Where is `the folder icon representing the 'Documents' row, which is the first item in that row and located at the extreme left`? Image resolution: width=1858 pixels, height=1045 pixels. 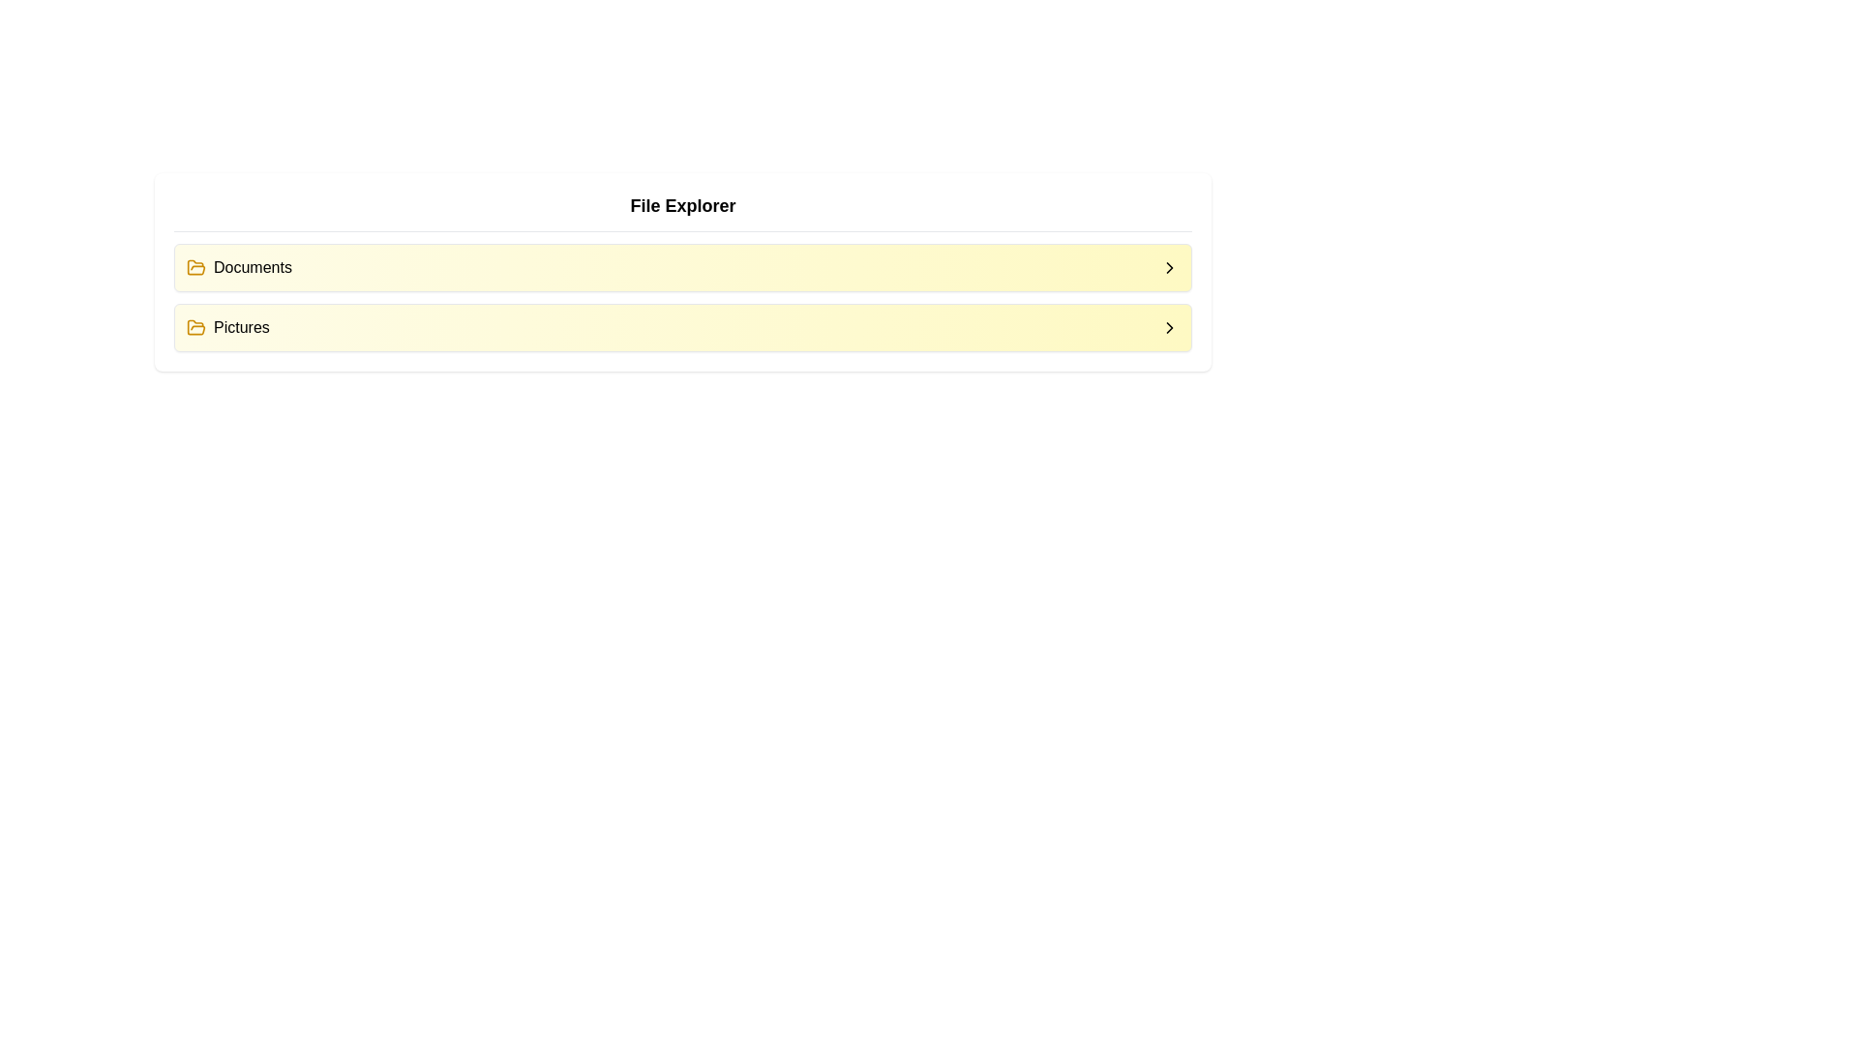 the folder icon representing the 'Documents' row, which is the first item in that row and located at the extreme left is located at coordinates (195, 268).